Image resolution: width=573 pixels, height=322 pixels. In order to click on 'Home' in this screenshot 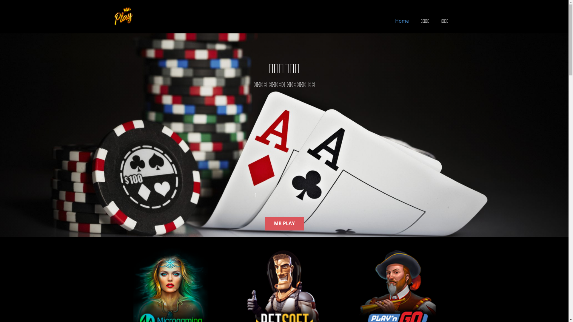, I will do `click(402, 20)`.